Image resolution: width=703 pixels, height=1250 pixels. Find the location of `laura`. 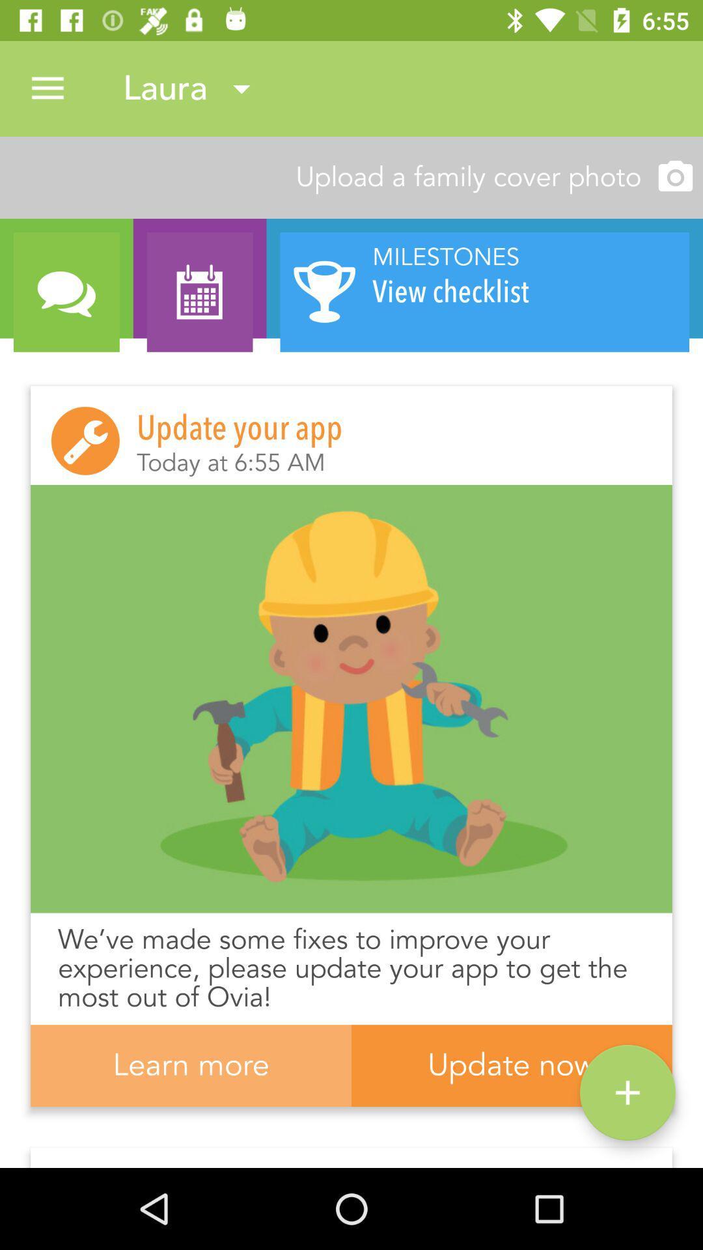

laura is located at coordinates (192, 88).